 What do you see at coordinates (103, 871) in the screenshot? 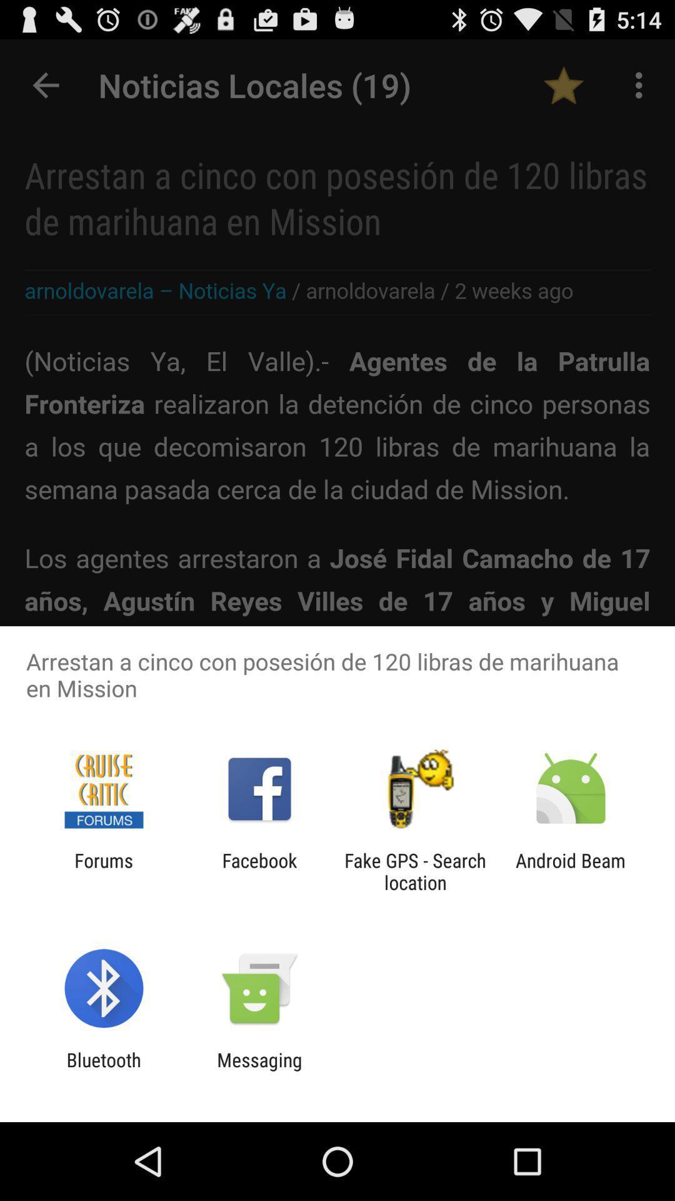
I see `the forums app` at bounding box center [103, 871].